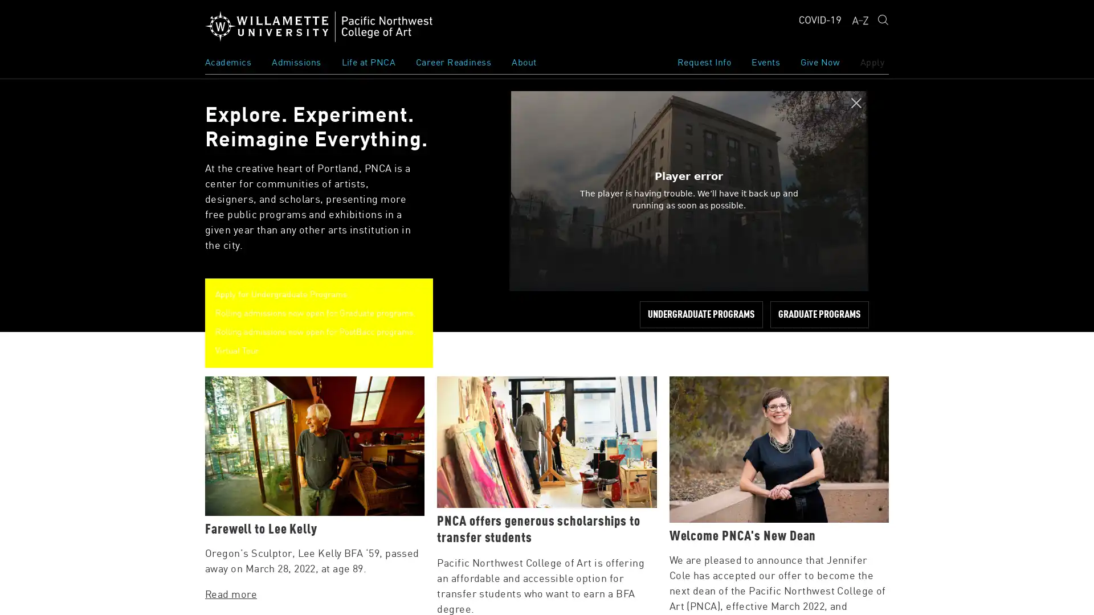  What do you see at coordinates (883, 20) in the screenshot?
I see `Open Search` at bounding box center [883, 20].